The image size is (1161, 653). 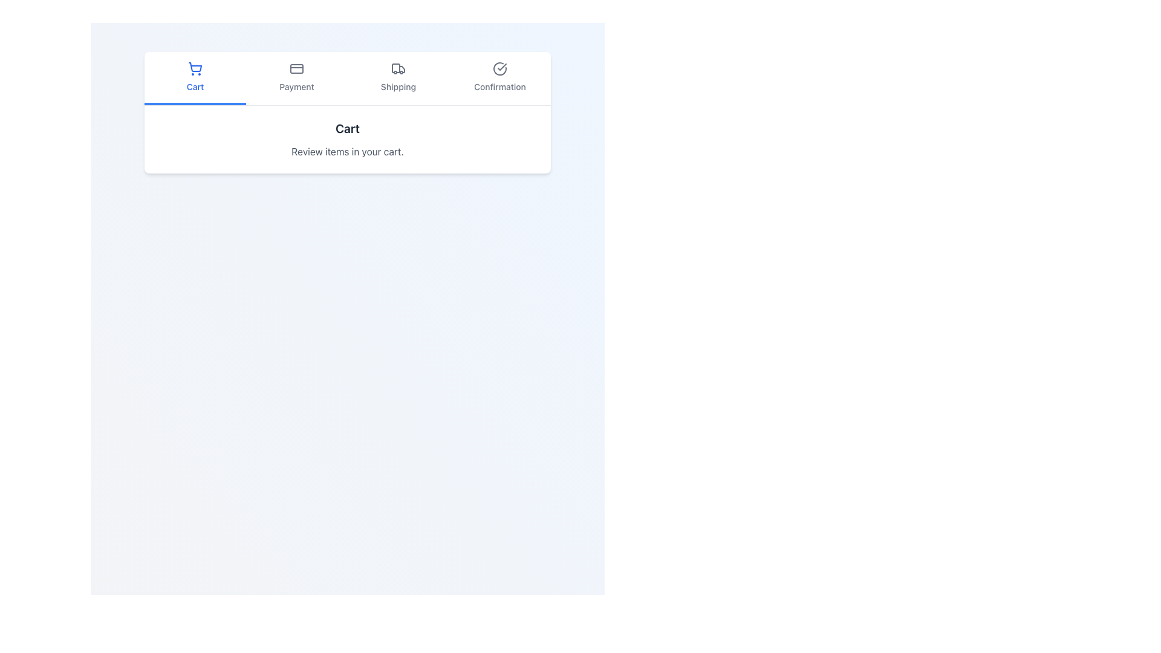 I want to click on the 'Cart' step in the multi-step progress bar, so click(x=347, y=112).